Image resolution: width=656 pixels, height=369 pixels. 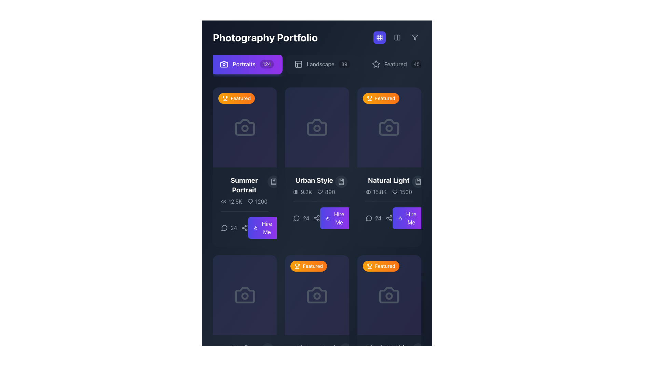 What do you see at coordinates (336, 218) in the screenshot?
I see `the 'Hire Me' button located in the lower section of the 'Urban Style' card, which is the second card in the row of portfolio items under the category 'Portraits'` at bounding box center [336, 218].